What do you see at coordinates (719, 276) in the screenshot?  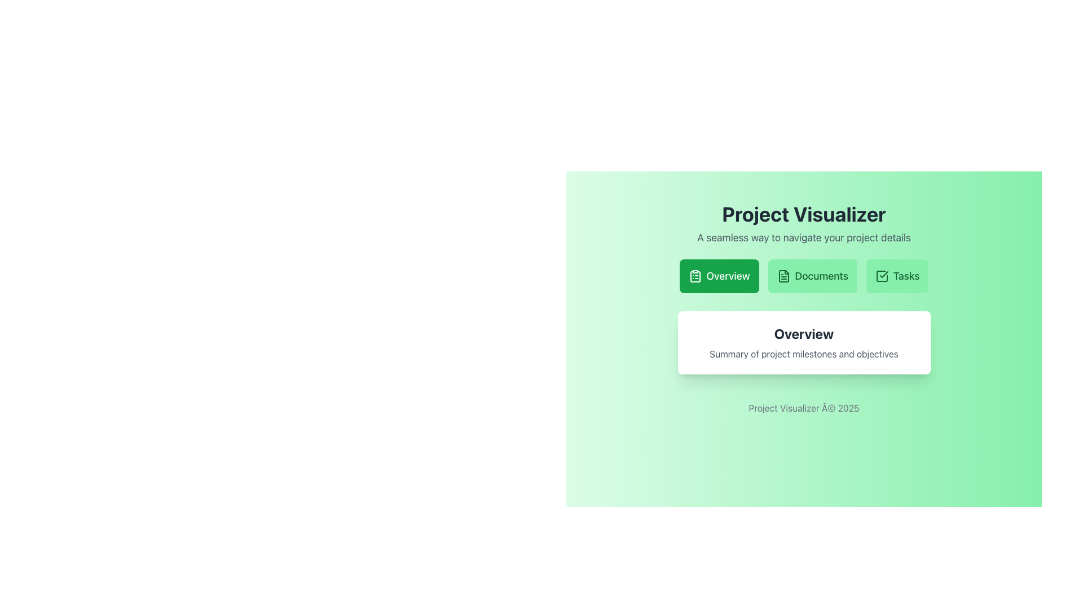 I see `the 'Overview' button located on the leftmost side of the button row under 'Project Visualizer'` at bounding box center [719, 276].